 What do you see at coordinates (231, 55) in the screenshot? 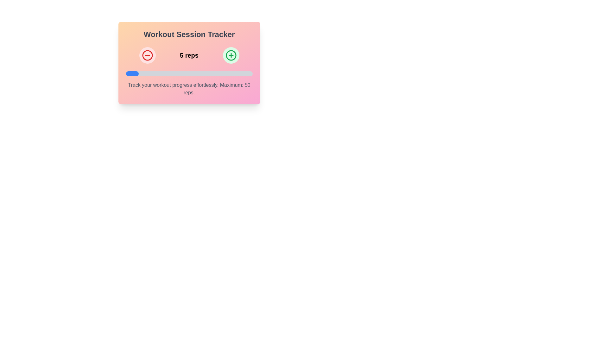
I see `the circular green button with a plus sign` at bounding box center [231, 55].